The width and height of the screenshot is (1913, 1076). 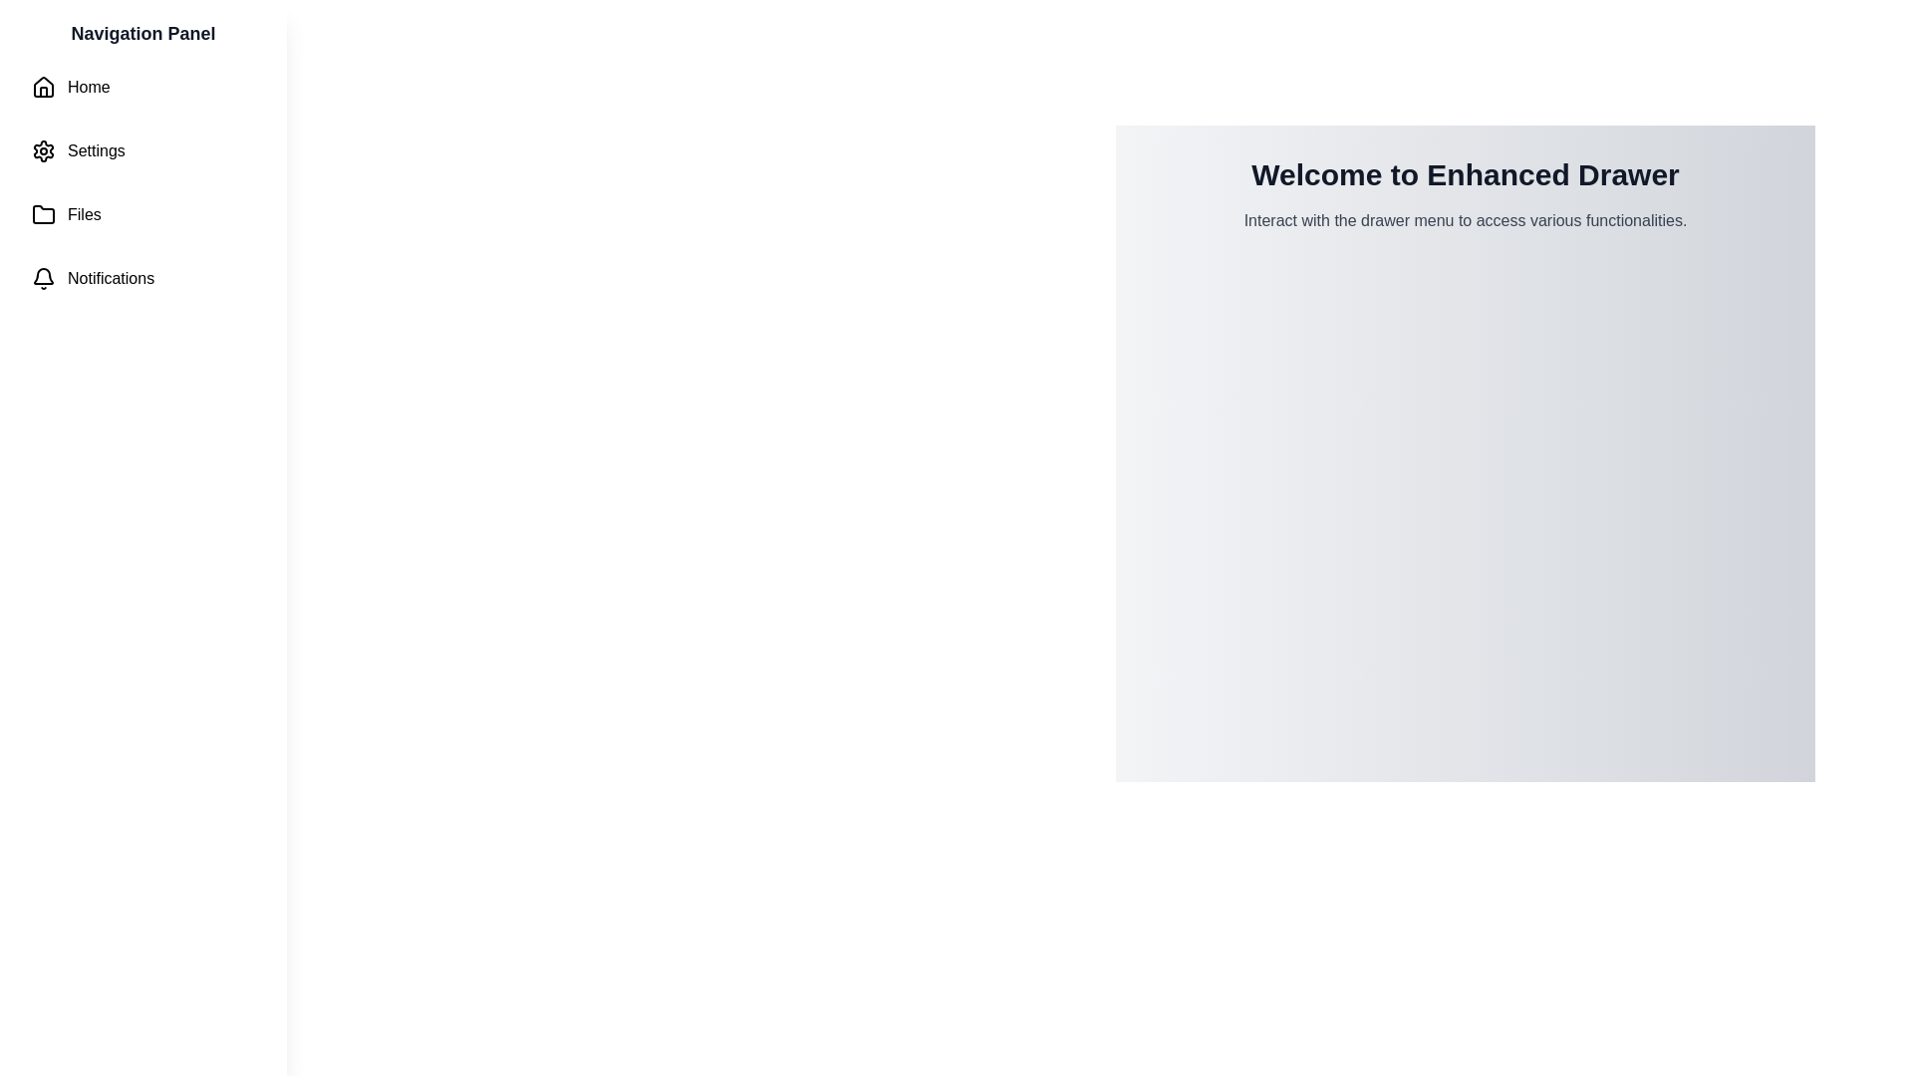 I want to click on to select the 'Settings' option, identified by the text label displaying 'Settings' in the left-hand navigation panel, positioned under 'Home' and above 'Files', so click(x=95, y=149).